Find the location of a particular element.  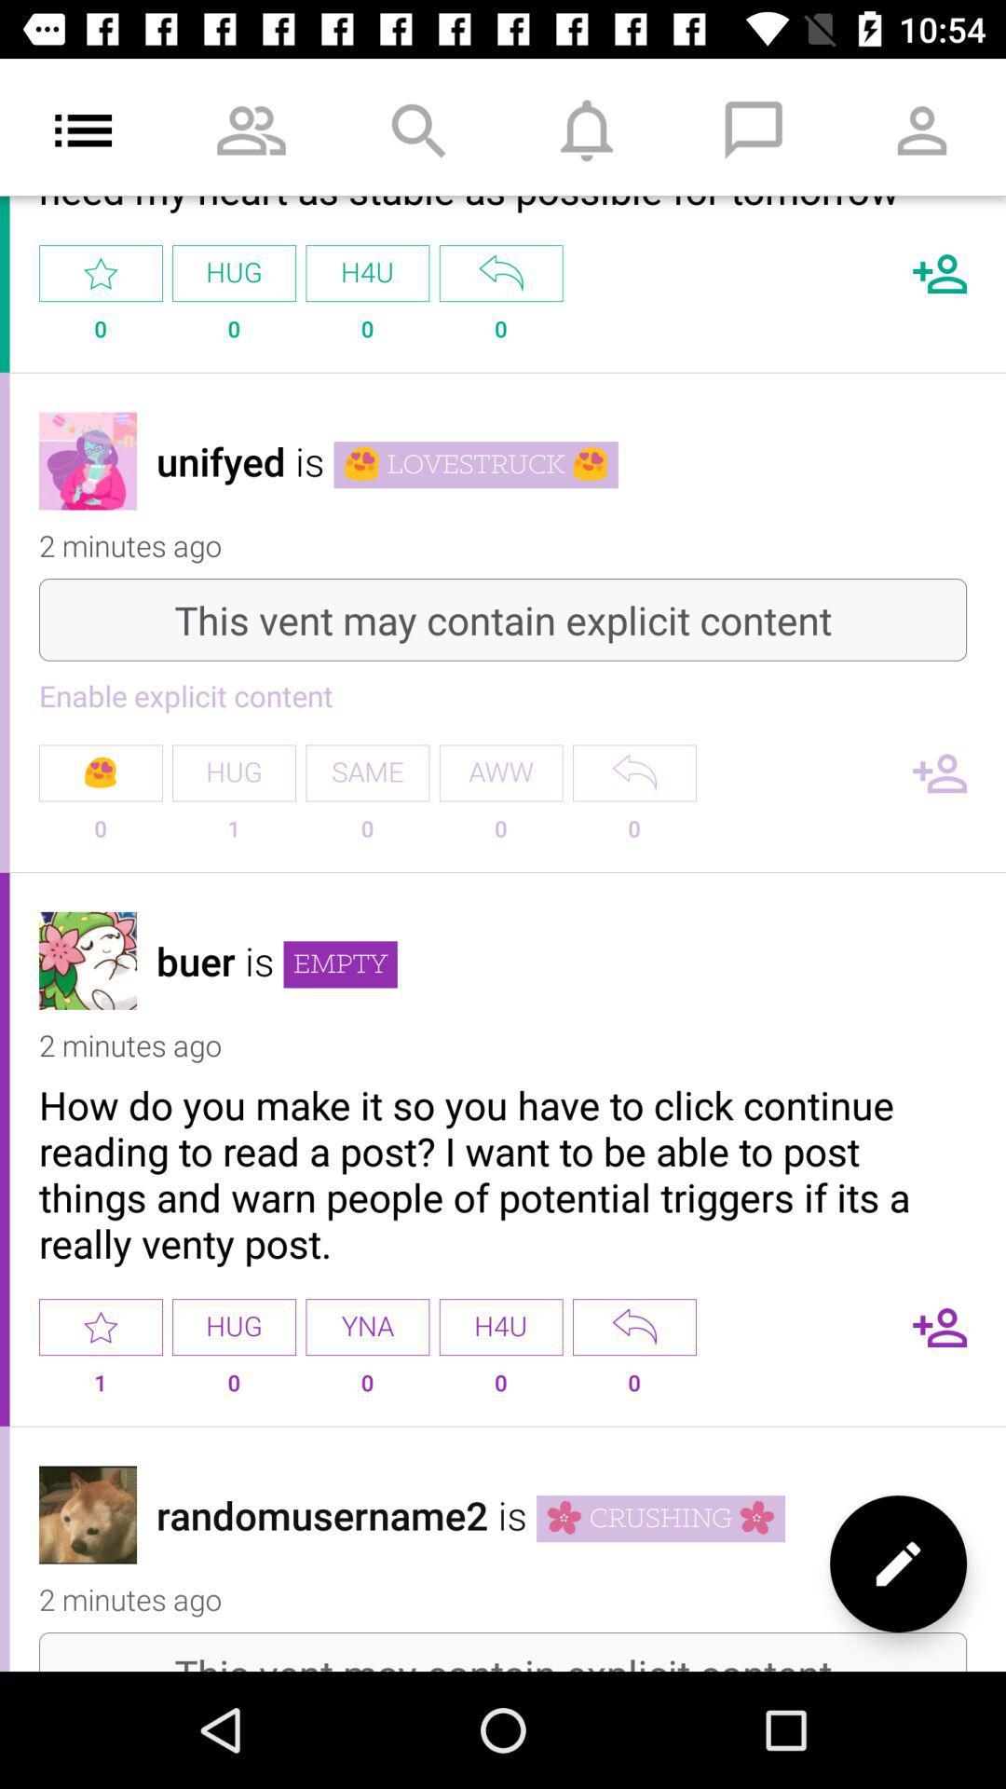

the number below the yna is located at coordinates (367, 1390).